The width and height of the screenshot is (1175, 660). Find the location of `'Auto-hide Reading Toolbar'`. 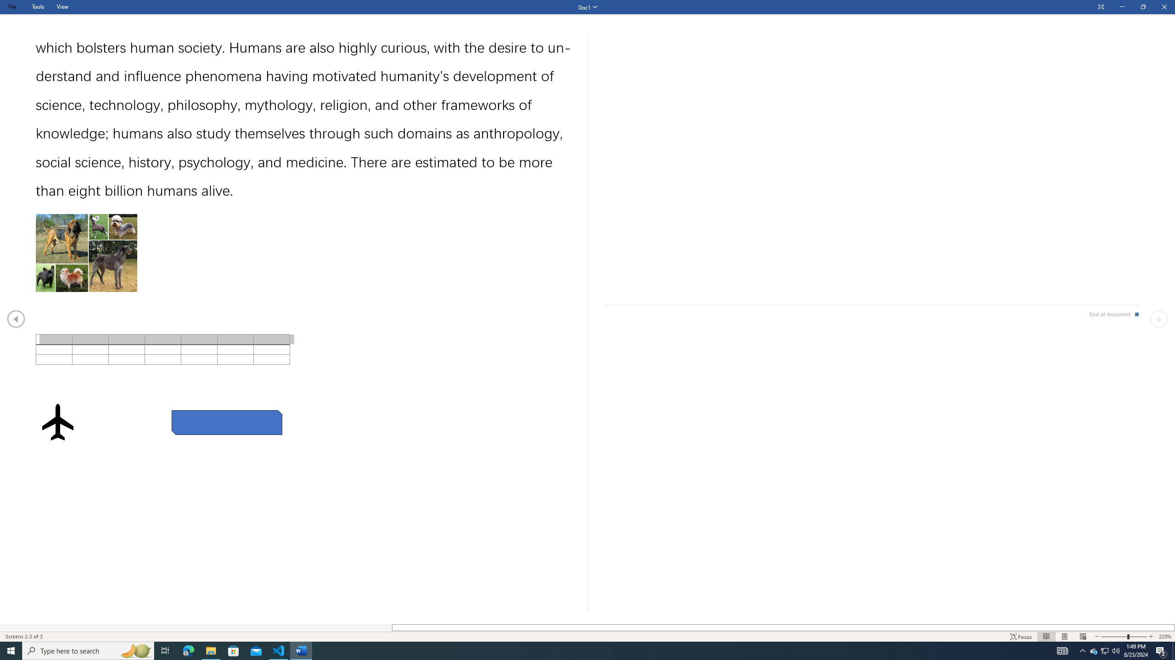

'Auto-hide Reading Toolbar' is located at coordinates (1100, 7).